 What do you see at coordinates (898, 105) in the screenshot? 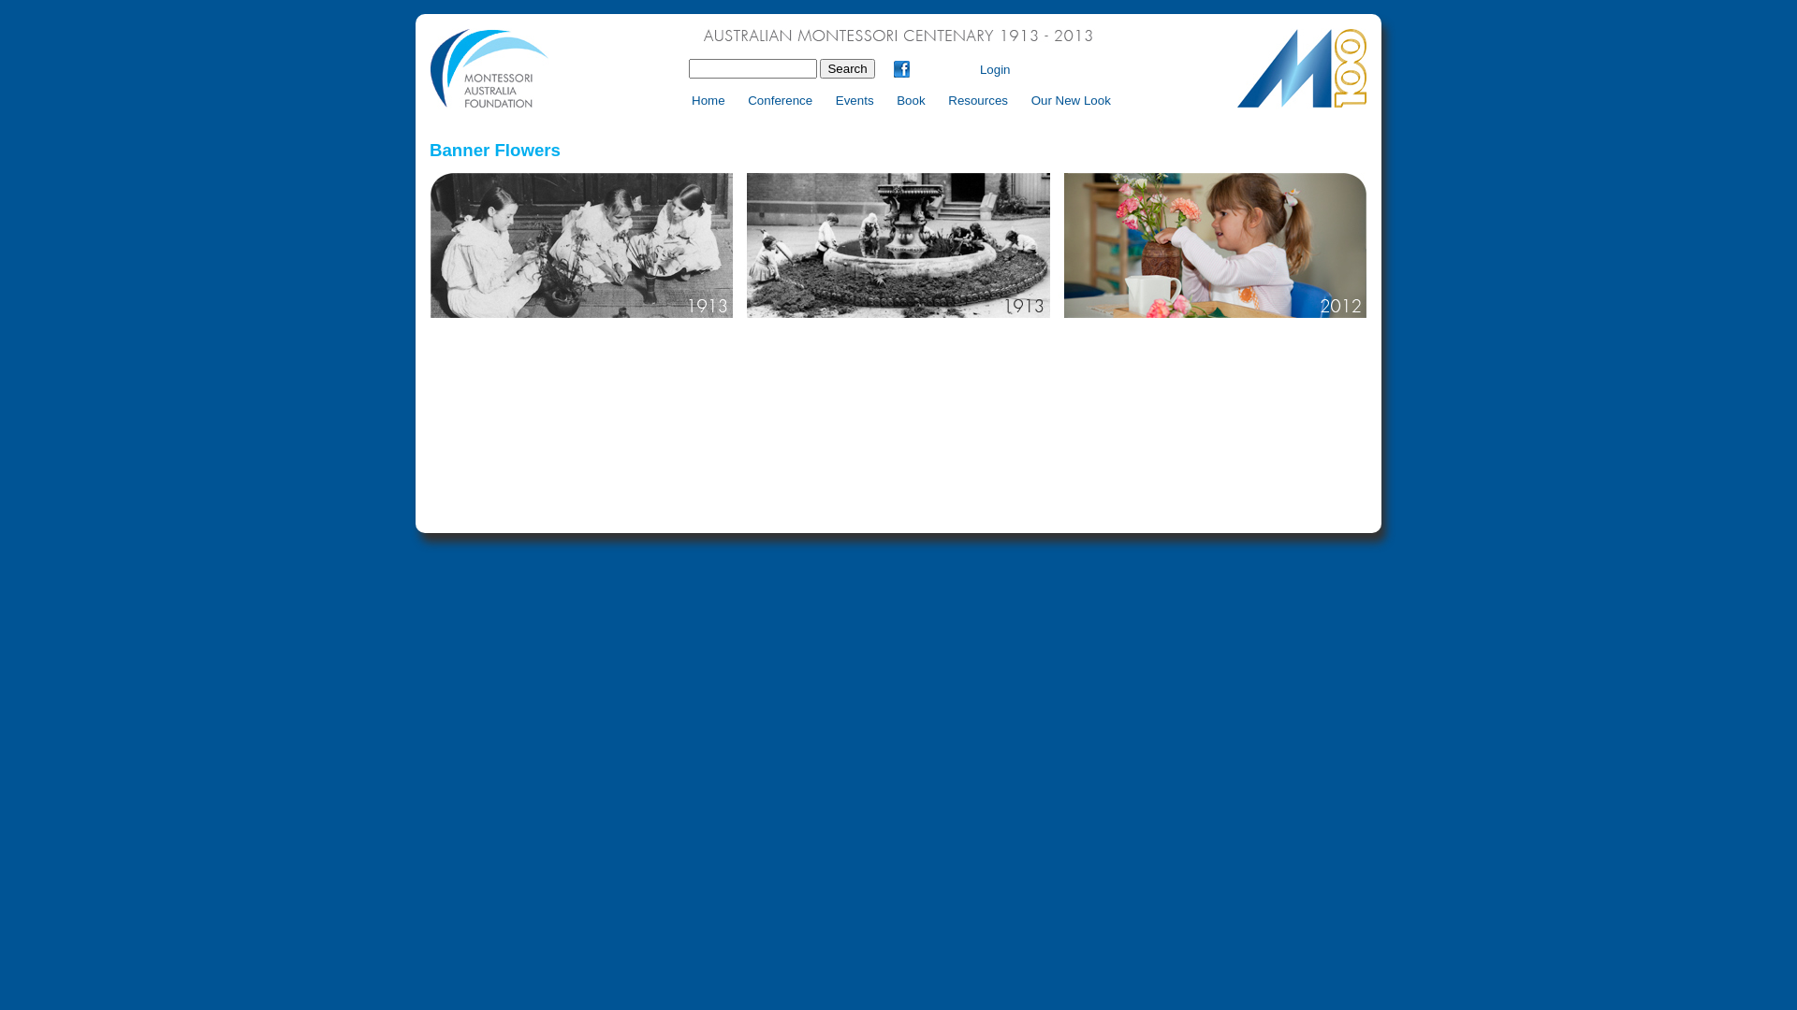
I see `'Home'` at bounding box center [898, 105].